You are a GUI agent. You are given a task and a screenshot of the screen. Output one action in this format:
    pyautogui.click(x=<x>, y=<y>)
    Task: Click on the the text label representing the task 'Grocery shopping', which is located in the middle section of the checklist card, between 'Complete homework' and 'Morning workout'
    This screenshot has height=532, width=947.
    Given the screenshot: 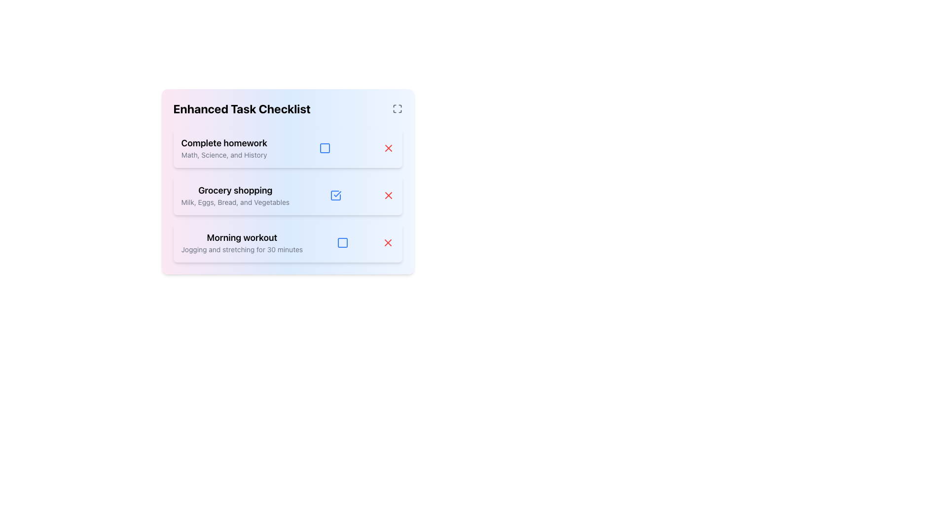 What is the action you would take?
    pyautogui.click(x=235, y=190)
    